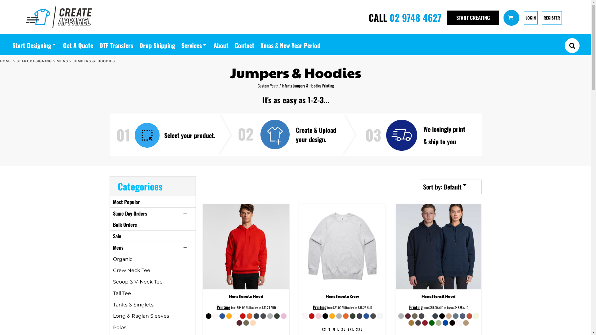 The height and width of the screenshot is (335, 596). What do you see at coordinates (129, 213) in the screenshot?
I see `'Same Day Orders'` at bounding box center [129, 213].